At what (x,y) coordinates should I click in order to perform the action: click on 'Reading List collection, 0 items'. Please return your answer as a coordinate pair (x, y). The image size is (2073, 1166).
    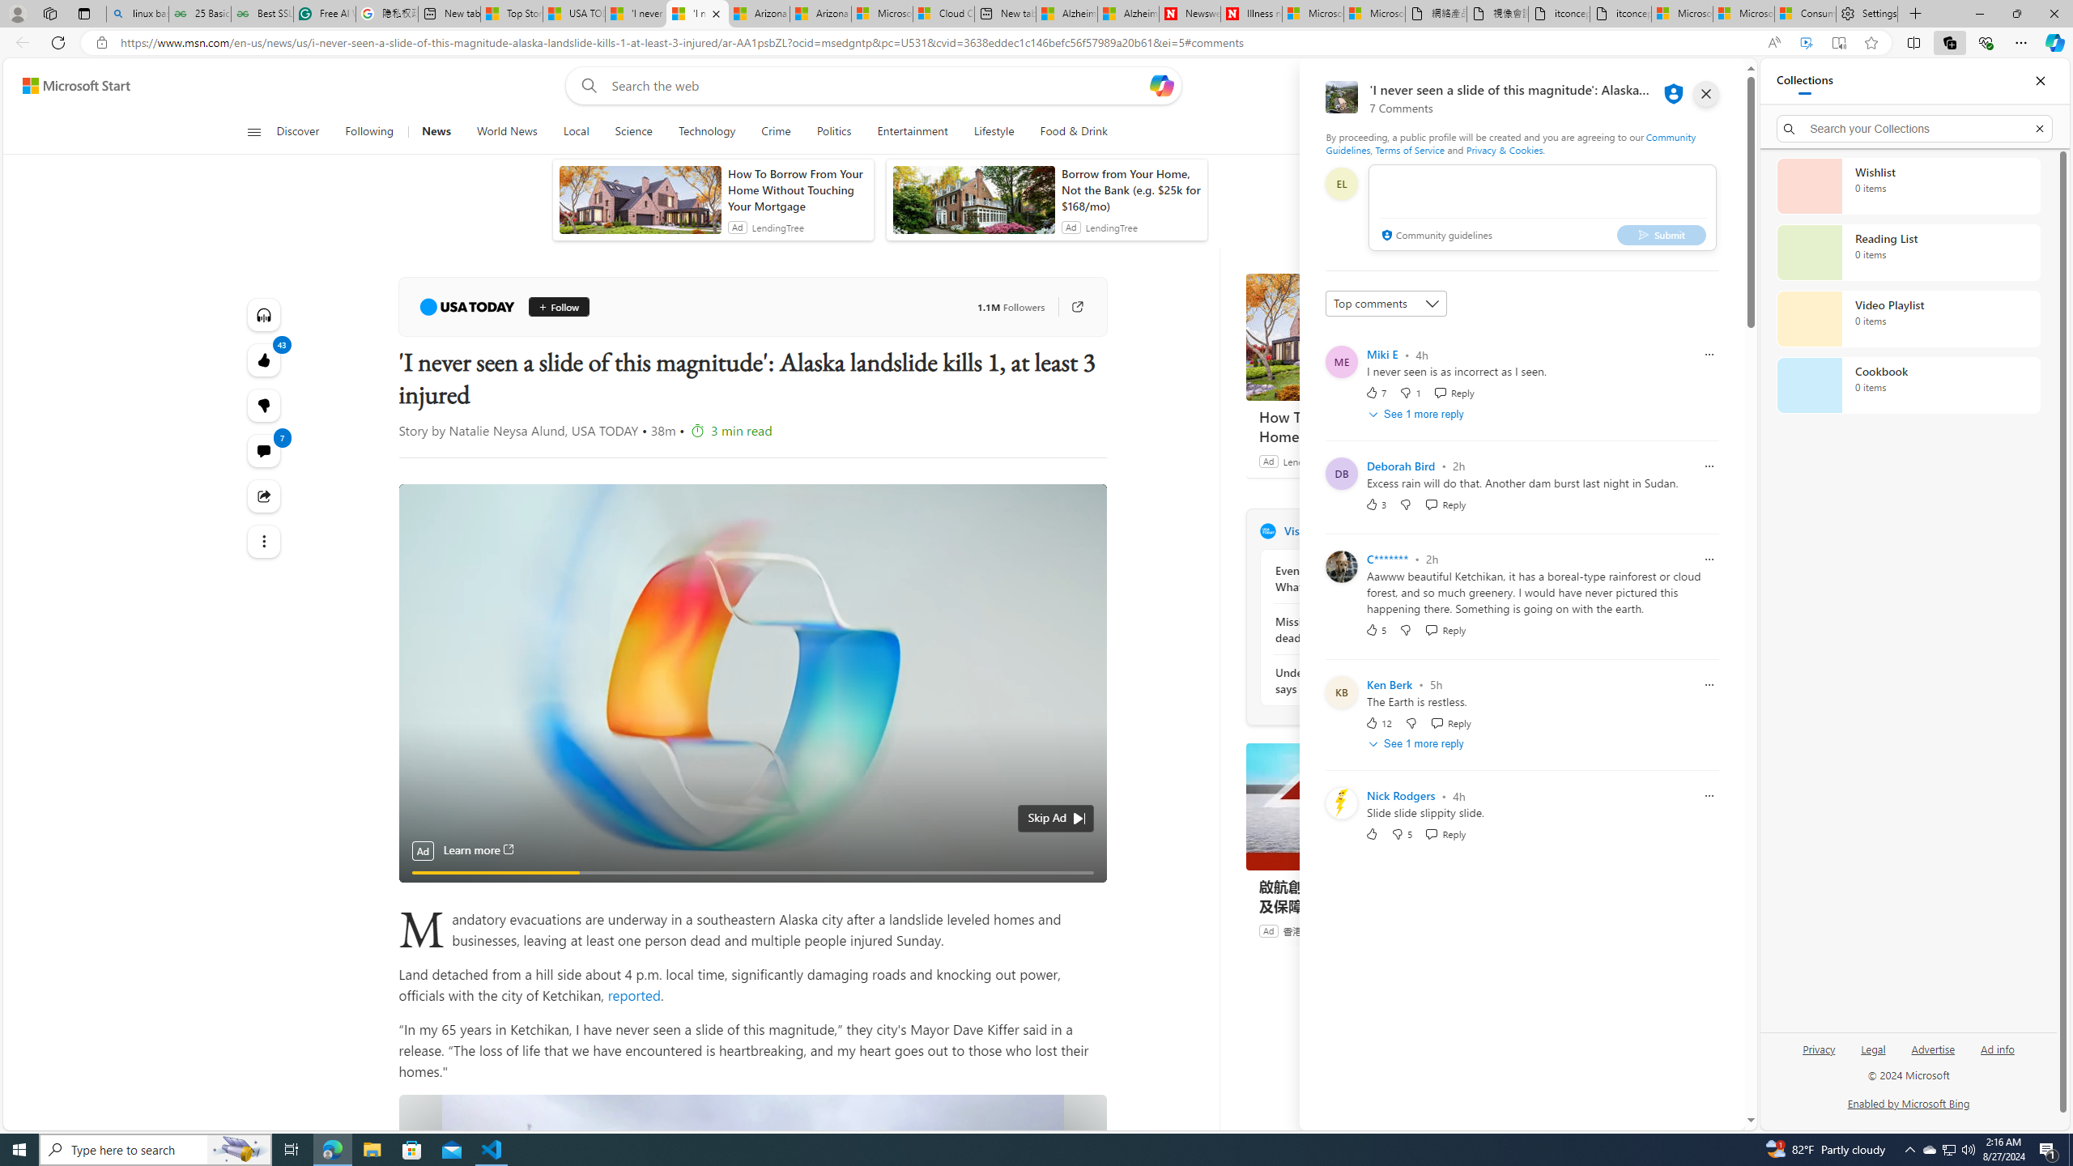
    Looking at the image, I should click on (1908, 251).